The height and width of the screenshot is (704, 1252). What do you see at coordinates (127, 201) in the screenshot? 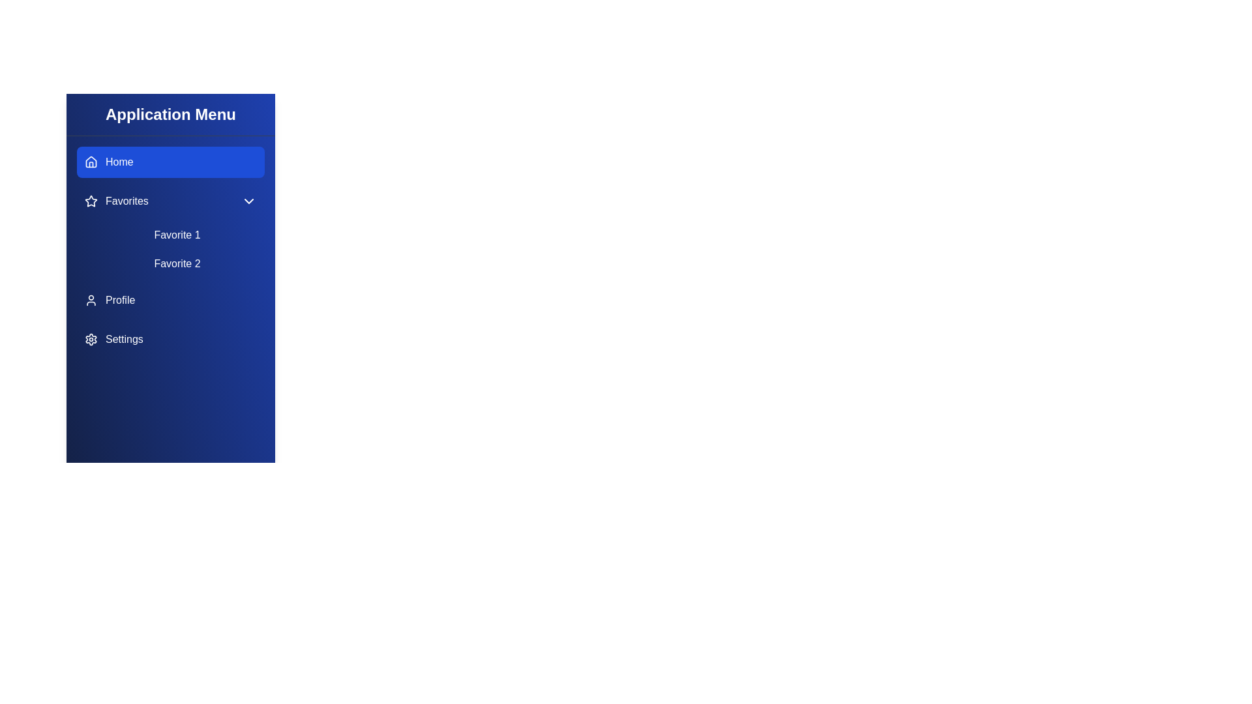
I see `the 'Favorites' navigation item in the vertical menu, which is the second label below 'Home' and above 'Profile'` at bounding box center [127, 201].